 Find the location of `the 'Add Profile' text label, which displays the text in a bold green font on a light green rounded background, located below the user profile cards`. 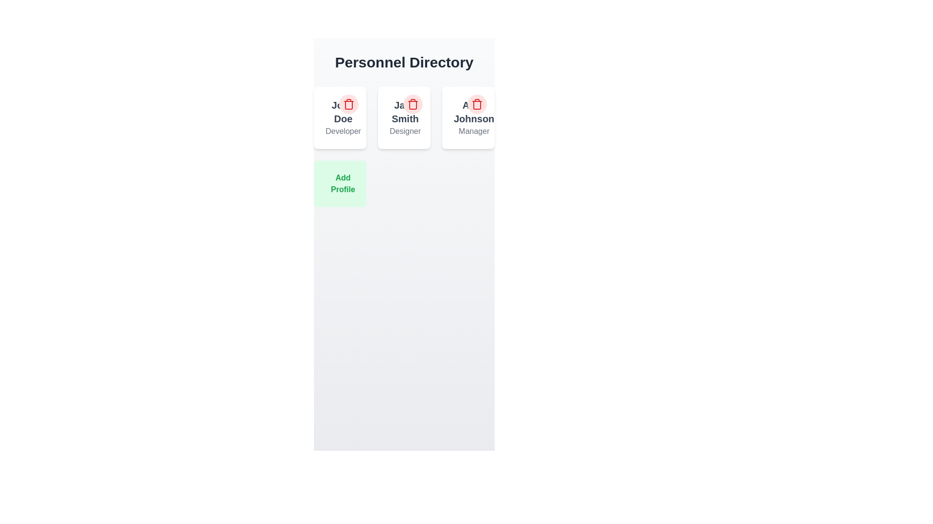

the 'Add Profile' text label, which displays the text in a bold green font on a light green rounded background, located below the user profile cards is located at coordinates (343, 183).